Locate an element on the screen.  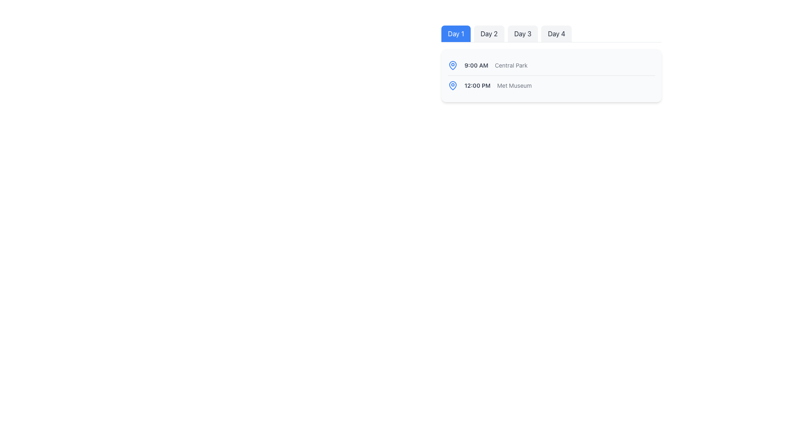
the 'Day 4' button located at the top of the schedule, which is the fourth button from the left is located at coordinates (552, 33).